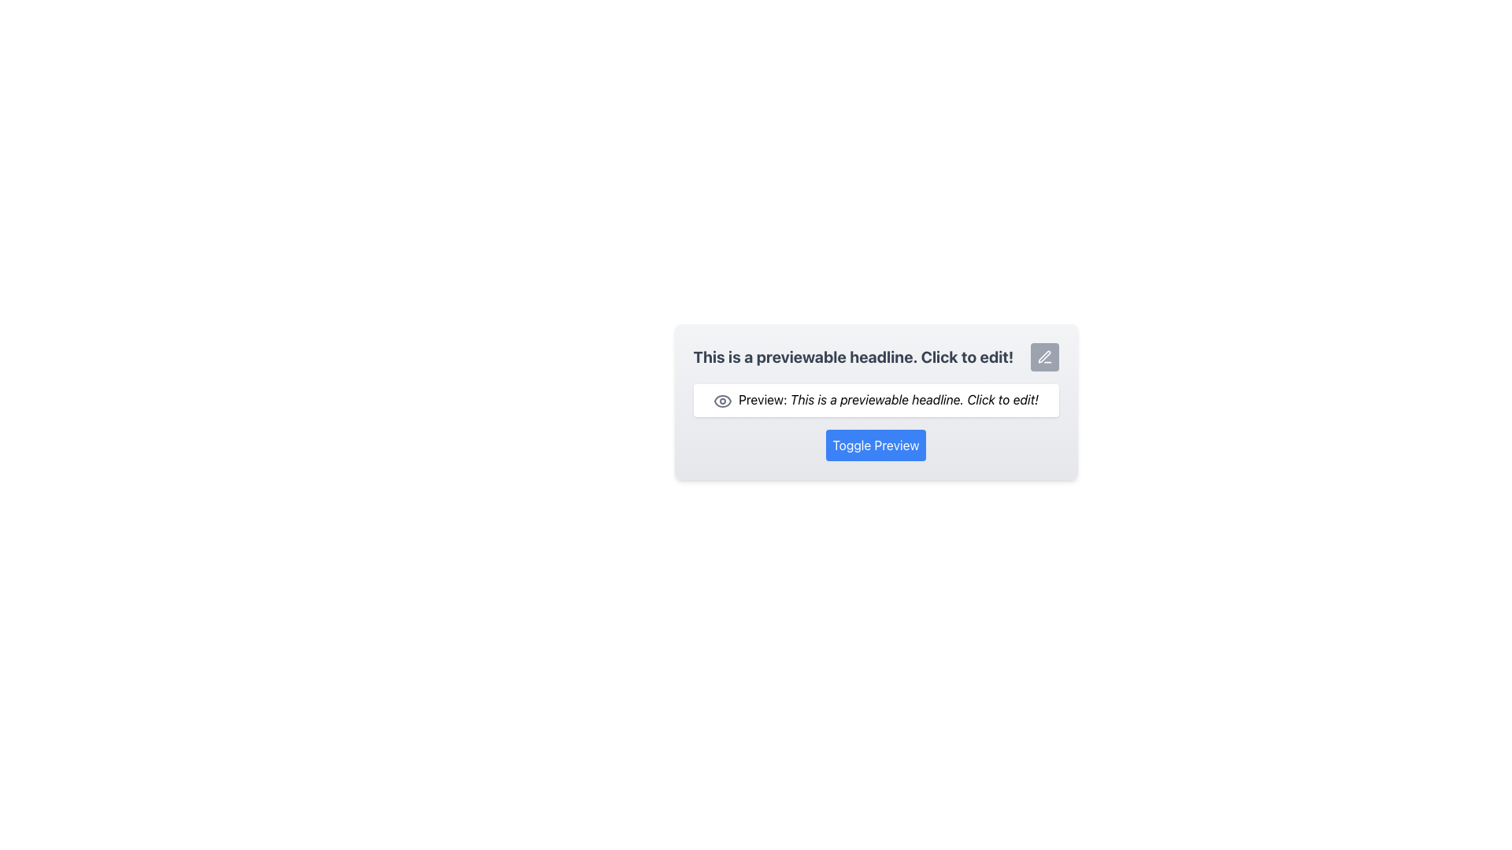  Describe the element at coordinates (1044, 357) in the screenshot. I see `the gray rounded button with a white pencil icon located at the top-right corner of the headline text 'This is a previewable headline. Click` at that location.